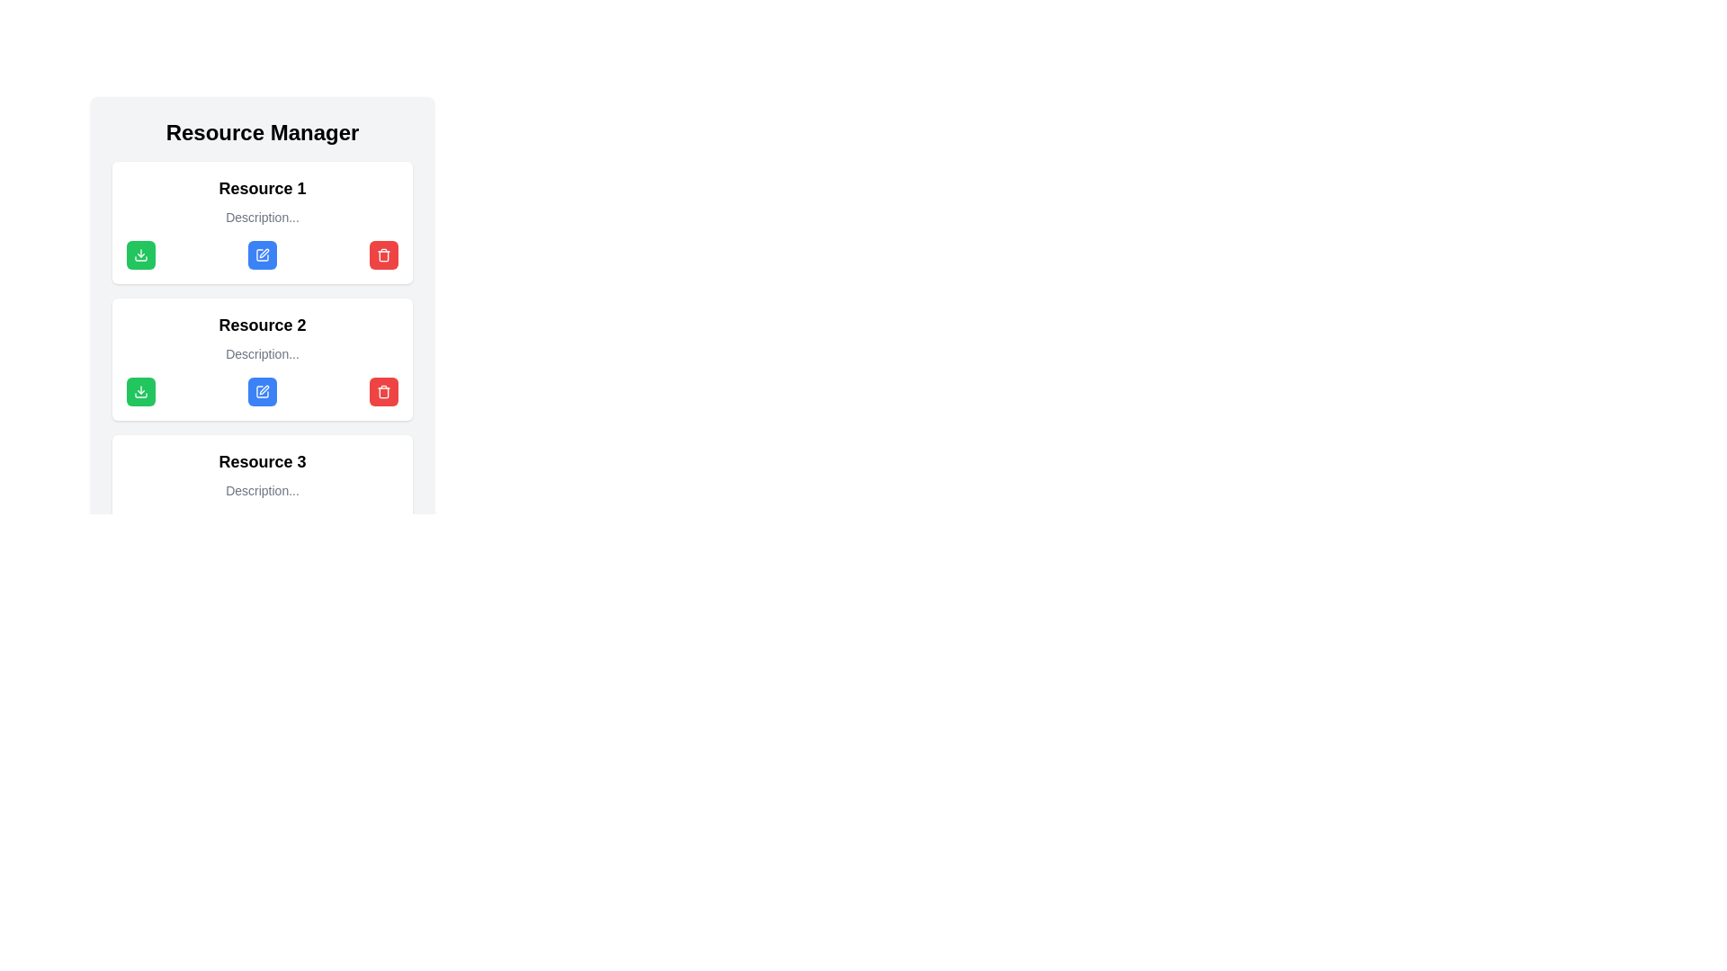 Image resolution: width=1727 pixels, height=971 pixels. I want to click on the red delete button with a white trashcan icon on the far-right side of the row, so click(383, 255).